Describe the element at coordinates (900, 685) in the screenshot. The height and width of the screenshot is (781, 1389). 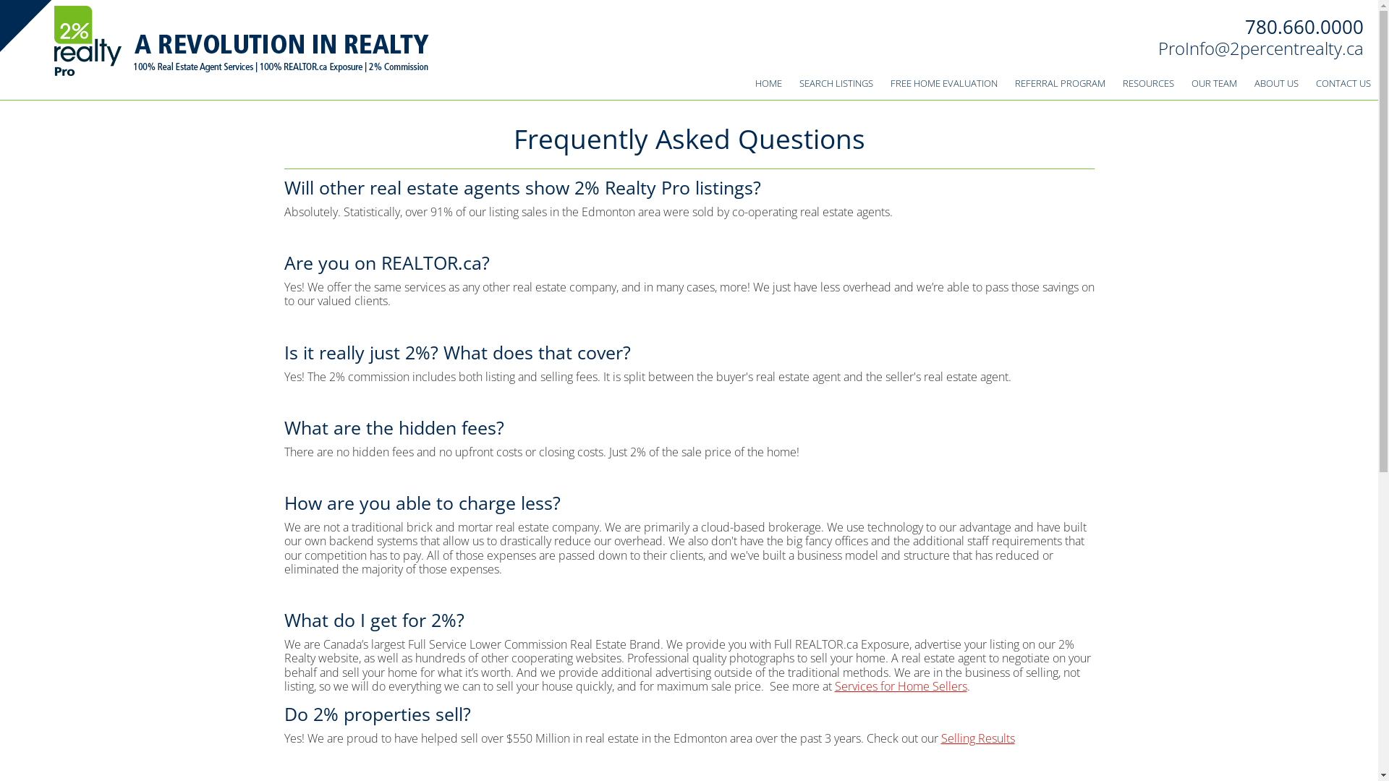
I see `'Services for Home Sellers'` at that location.